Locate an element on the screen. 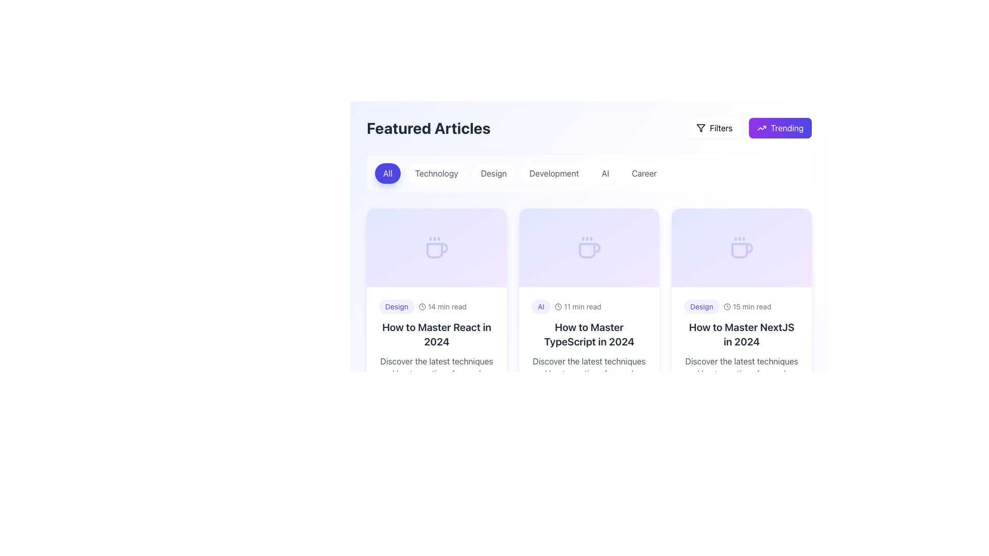 This screenshot has width=989, height=556. the rectangular button labeled 'Trending' with a gradient background from purple to indigo is located at coordinates (780, 128).